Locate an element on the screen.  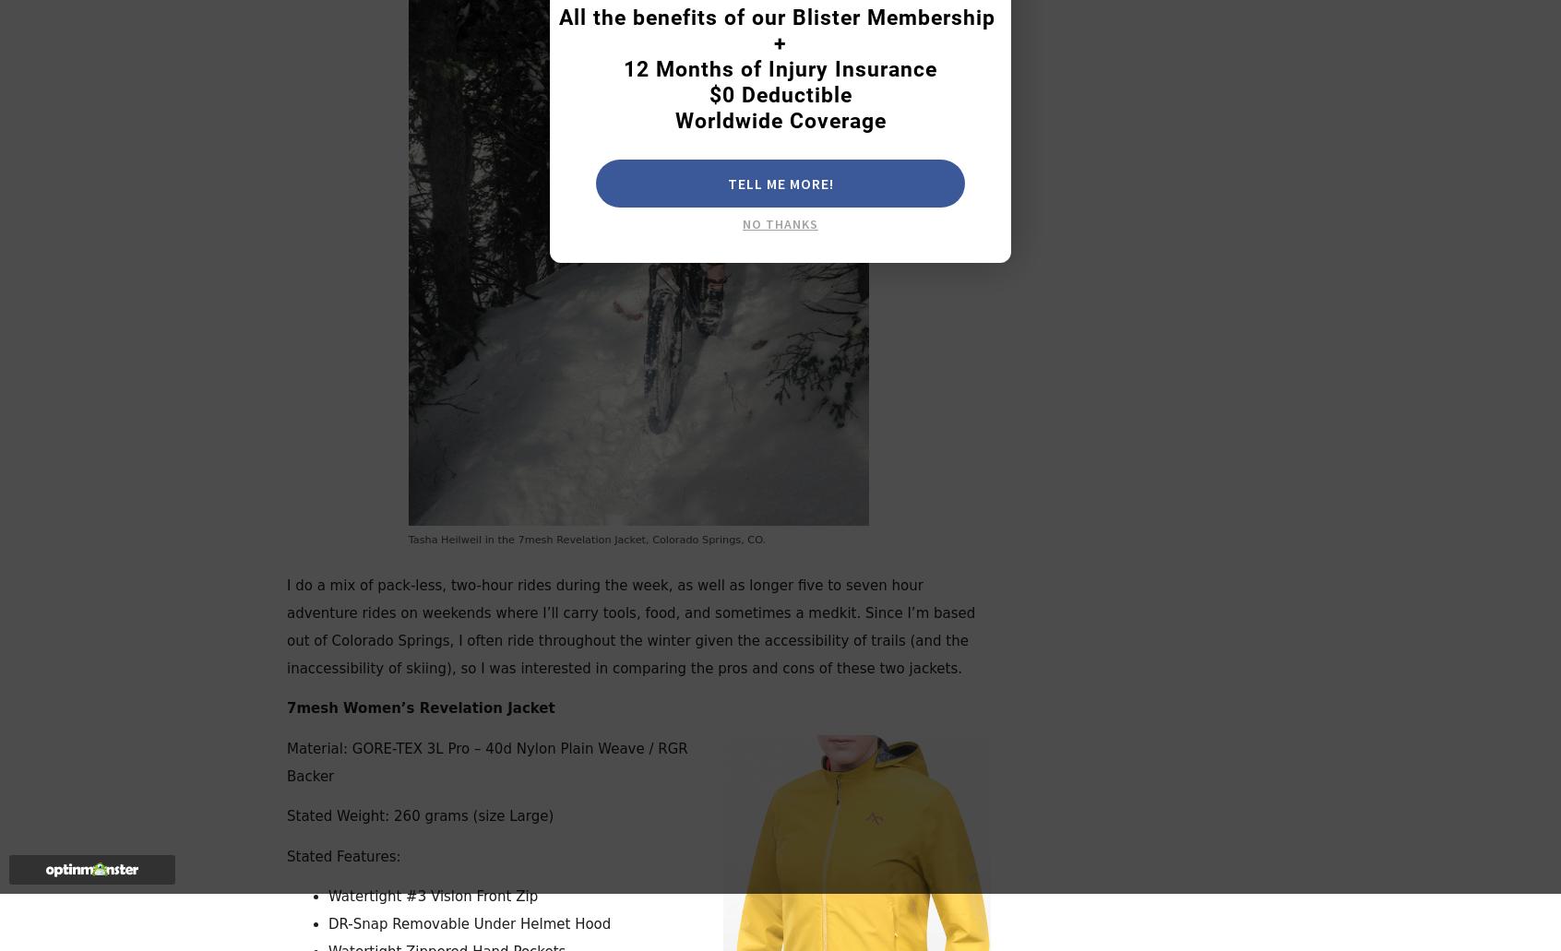
'+' is located at coordinates (774, 43).